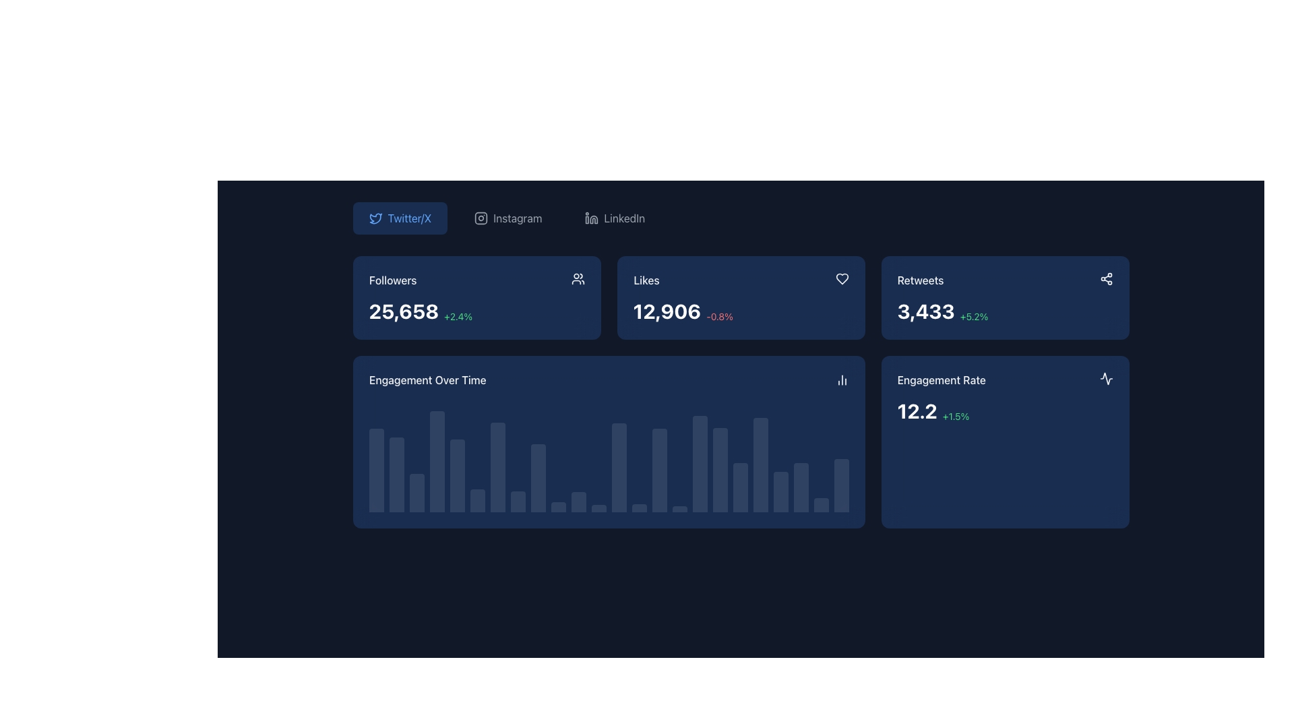 Image resolution: width=1294 pixels, height=728 pixels. What do you see at coordinates (376, 469) in the screenshot?
I see `the first bar in the 'Engagement Over Time' chart` at bounding box center [376, 469].